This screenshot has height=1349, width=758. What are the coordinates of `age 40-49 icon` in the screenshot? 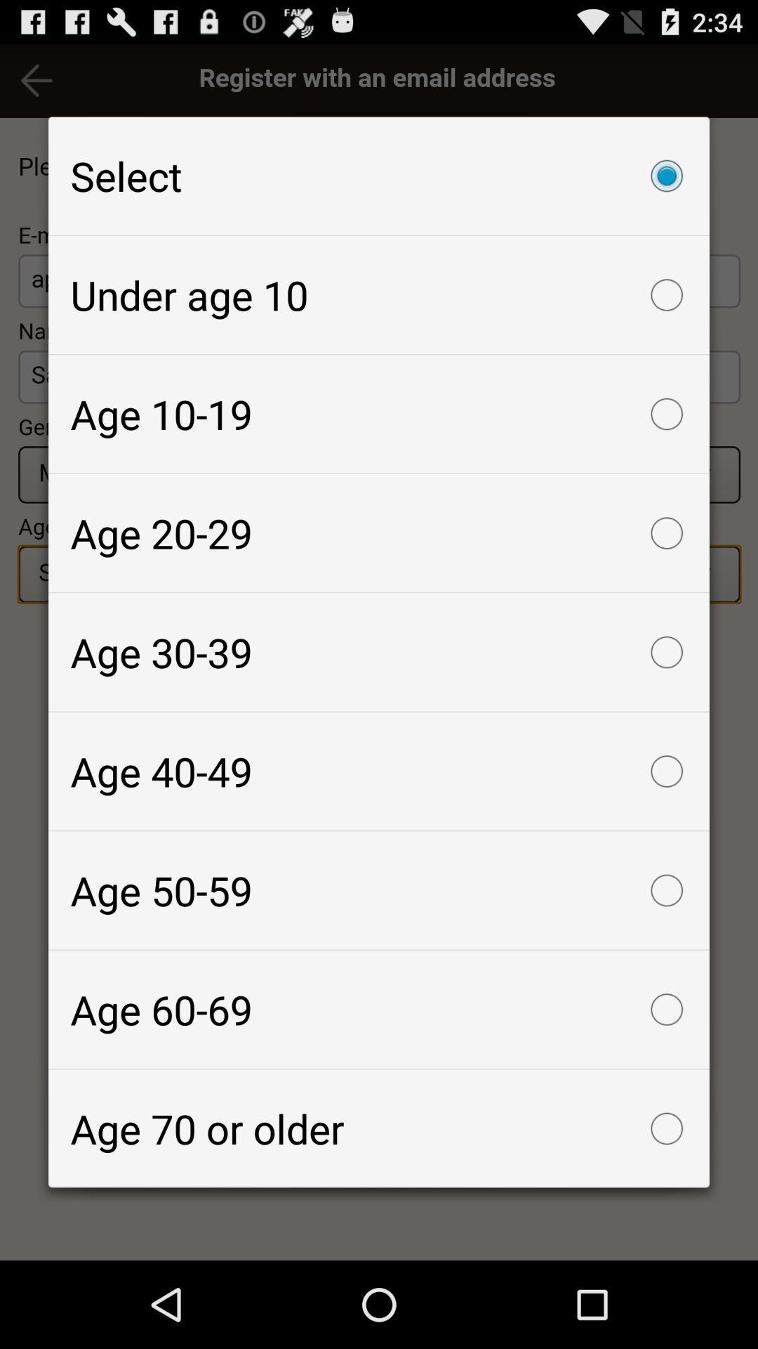 It's located at (379, 771).